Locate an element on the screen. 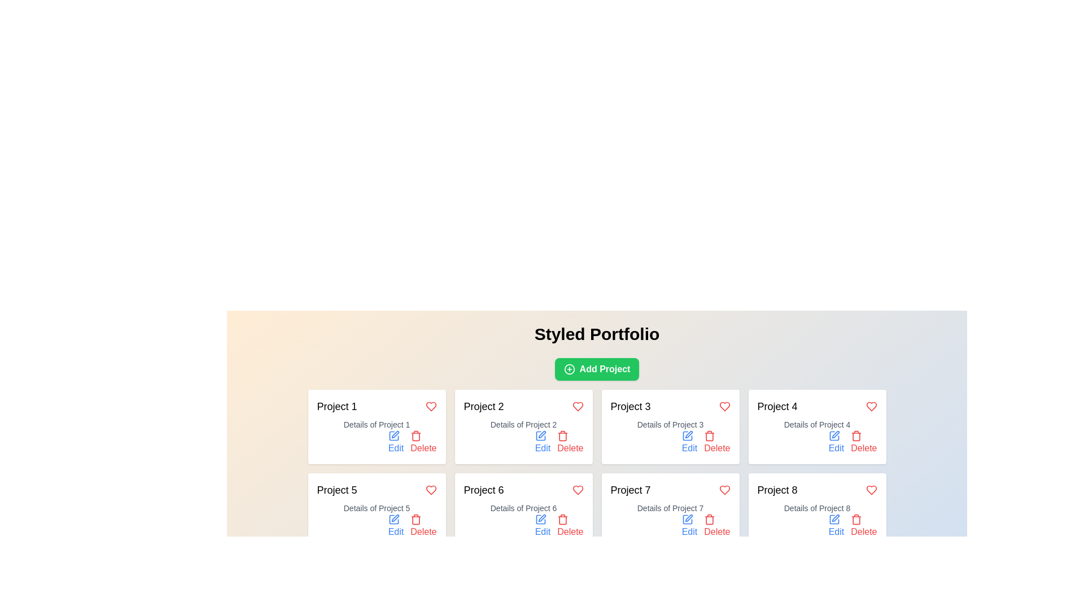  the delete icon button located at the bottom section of the sixth project box is located at coordinates (563, 520).